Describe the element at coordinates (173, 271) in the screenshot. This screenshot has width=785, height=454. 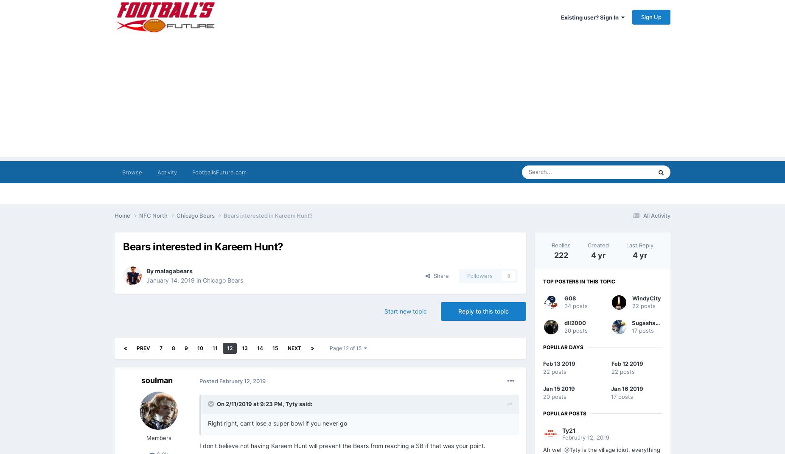
I see `'malagabears'` at that location.